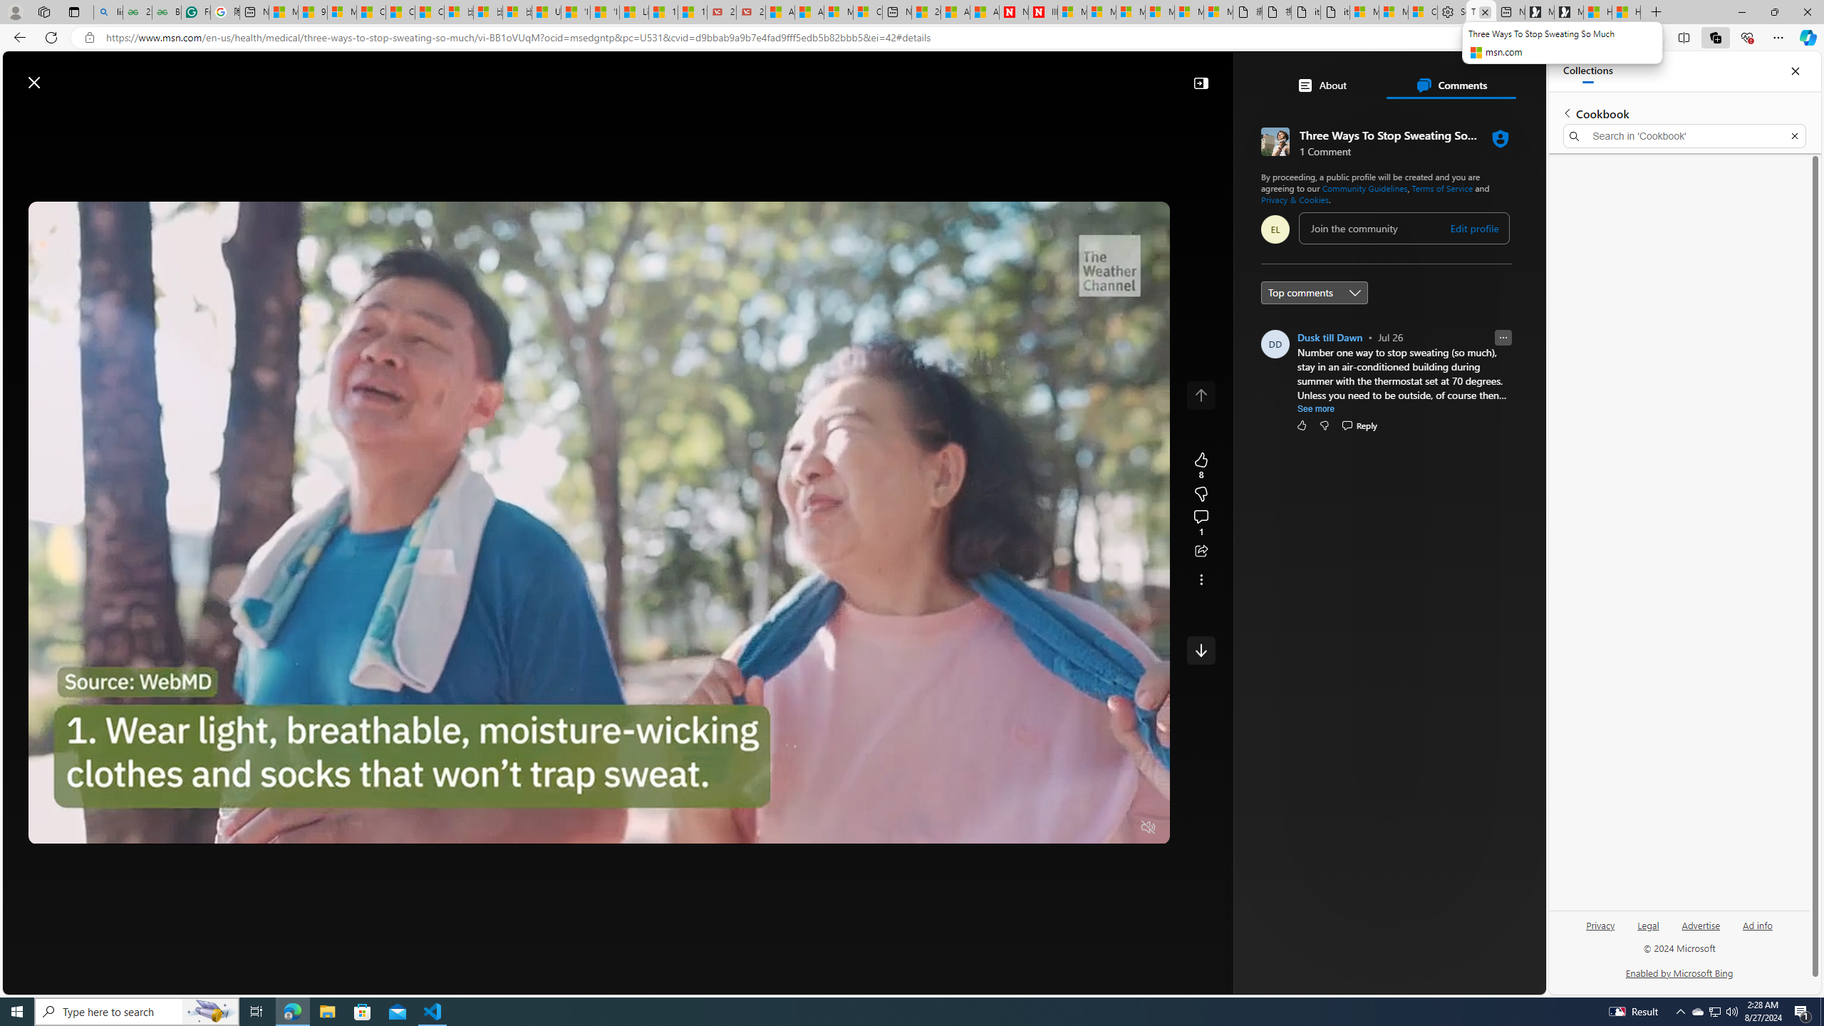 This screenshot has height=1026, width=1824. I want to click on '8 Like', so click(1200, 465).